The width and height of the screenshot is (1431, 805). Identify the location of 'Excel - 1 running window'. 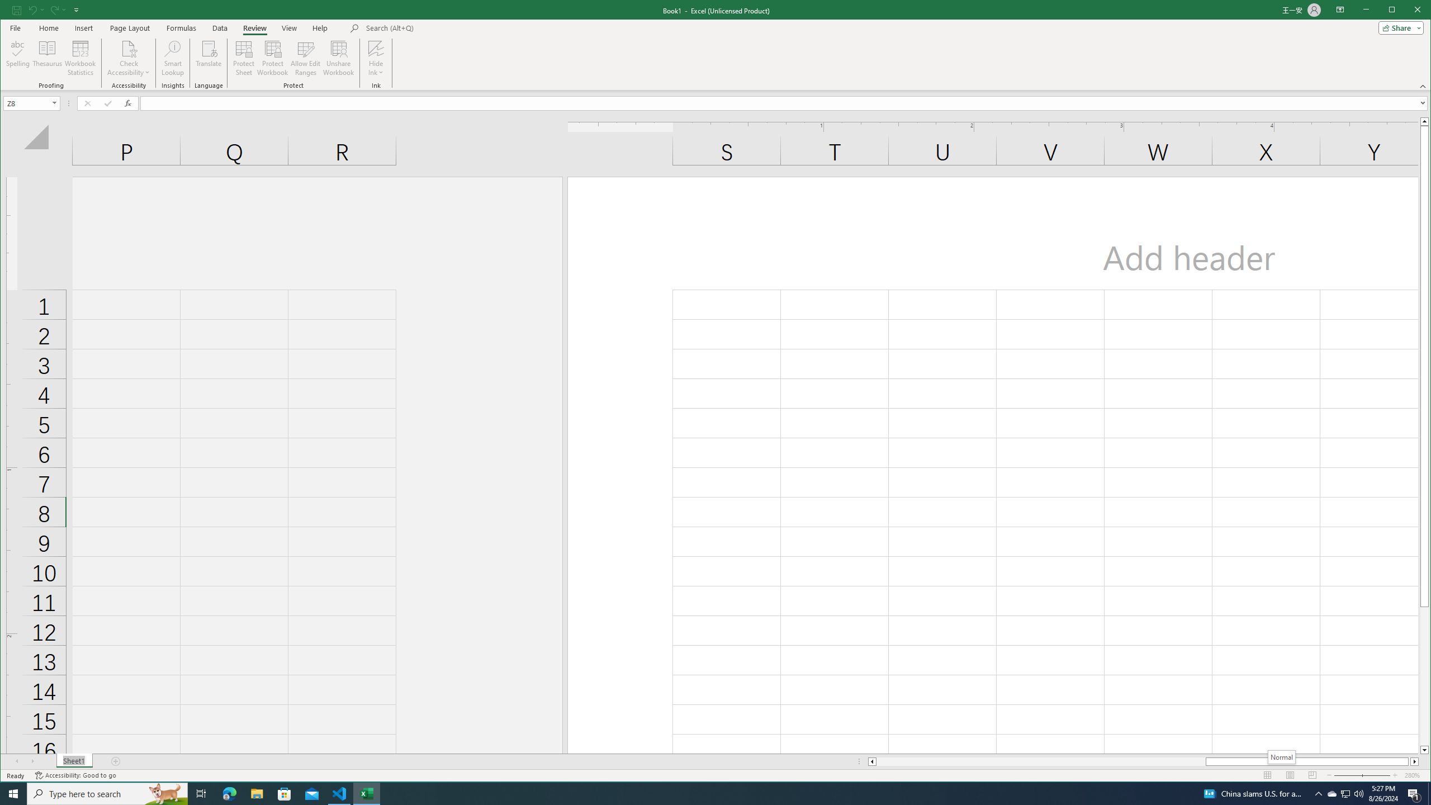
(367, 793).